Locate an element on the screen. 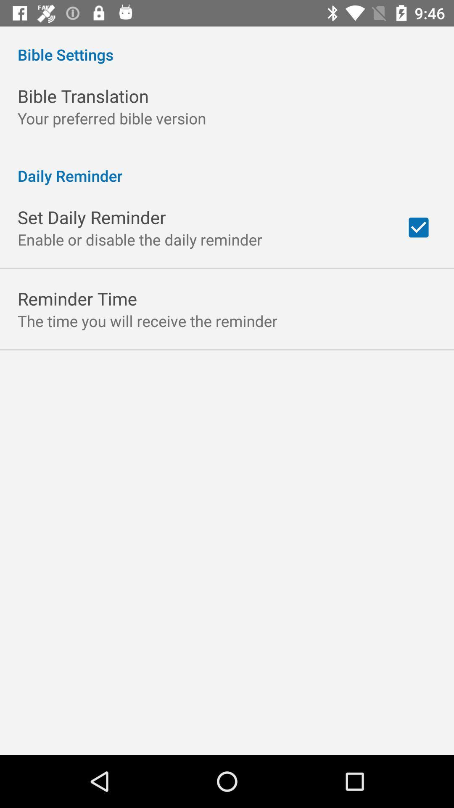 This screenshot has width=454, height=808. app next to enable or disable is located at coordinates (418, 227).